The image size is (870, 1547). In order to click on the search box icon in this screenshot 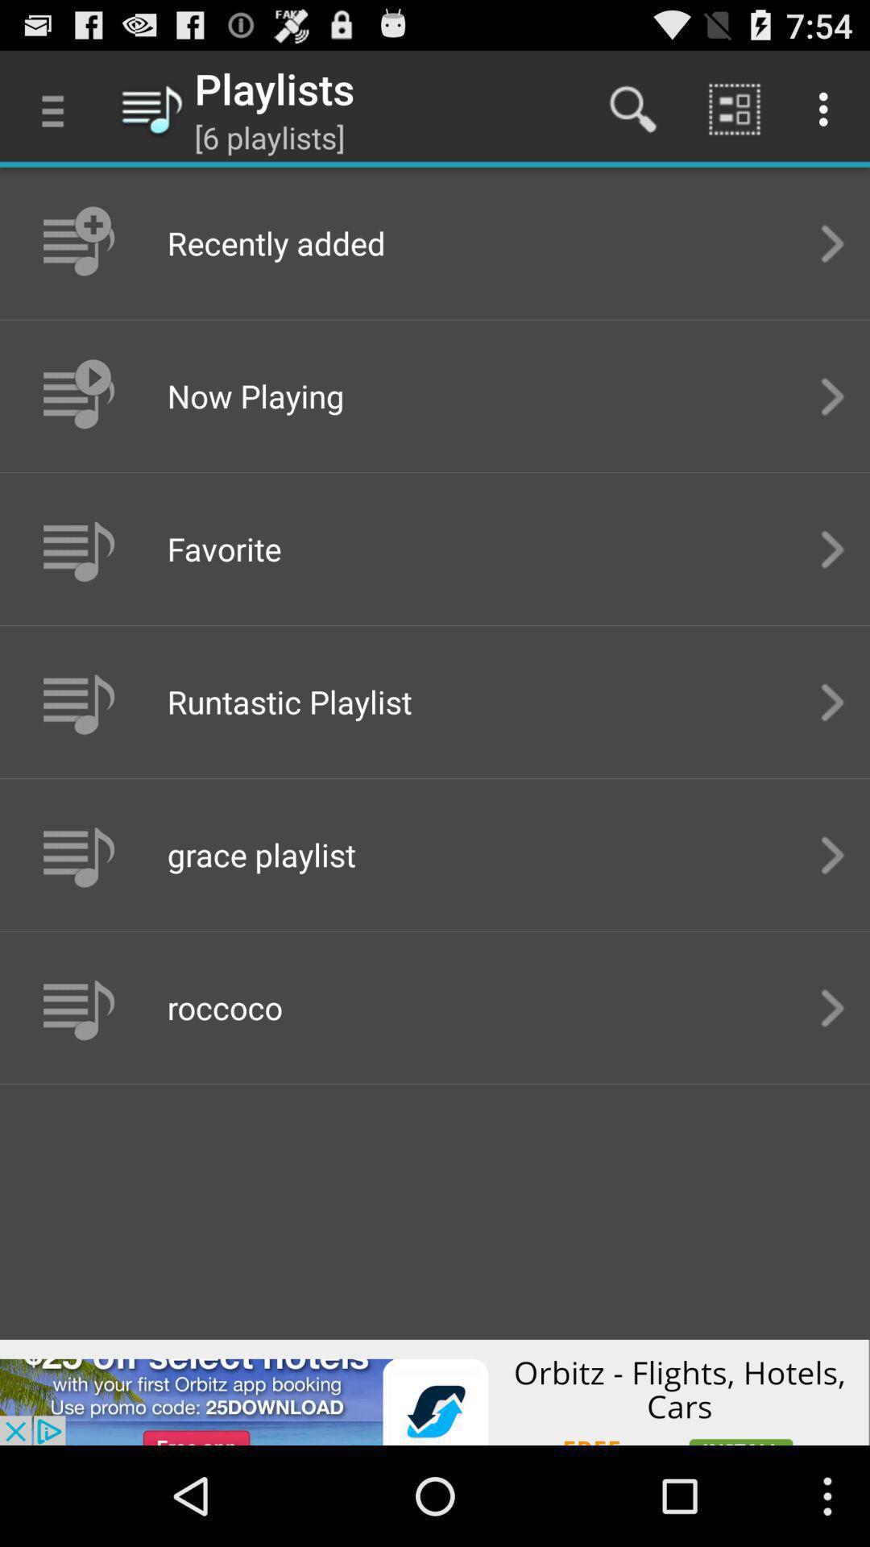, I will do `click(632, 108)`.